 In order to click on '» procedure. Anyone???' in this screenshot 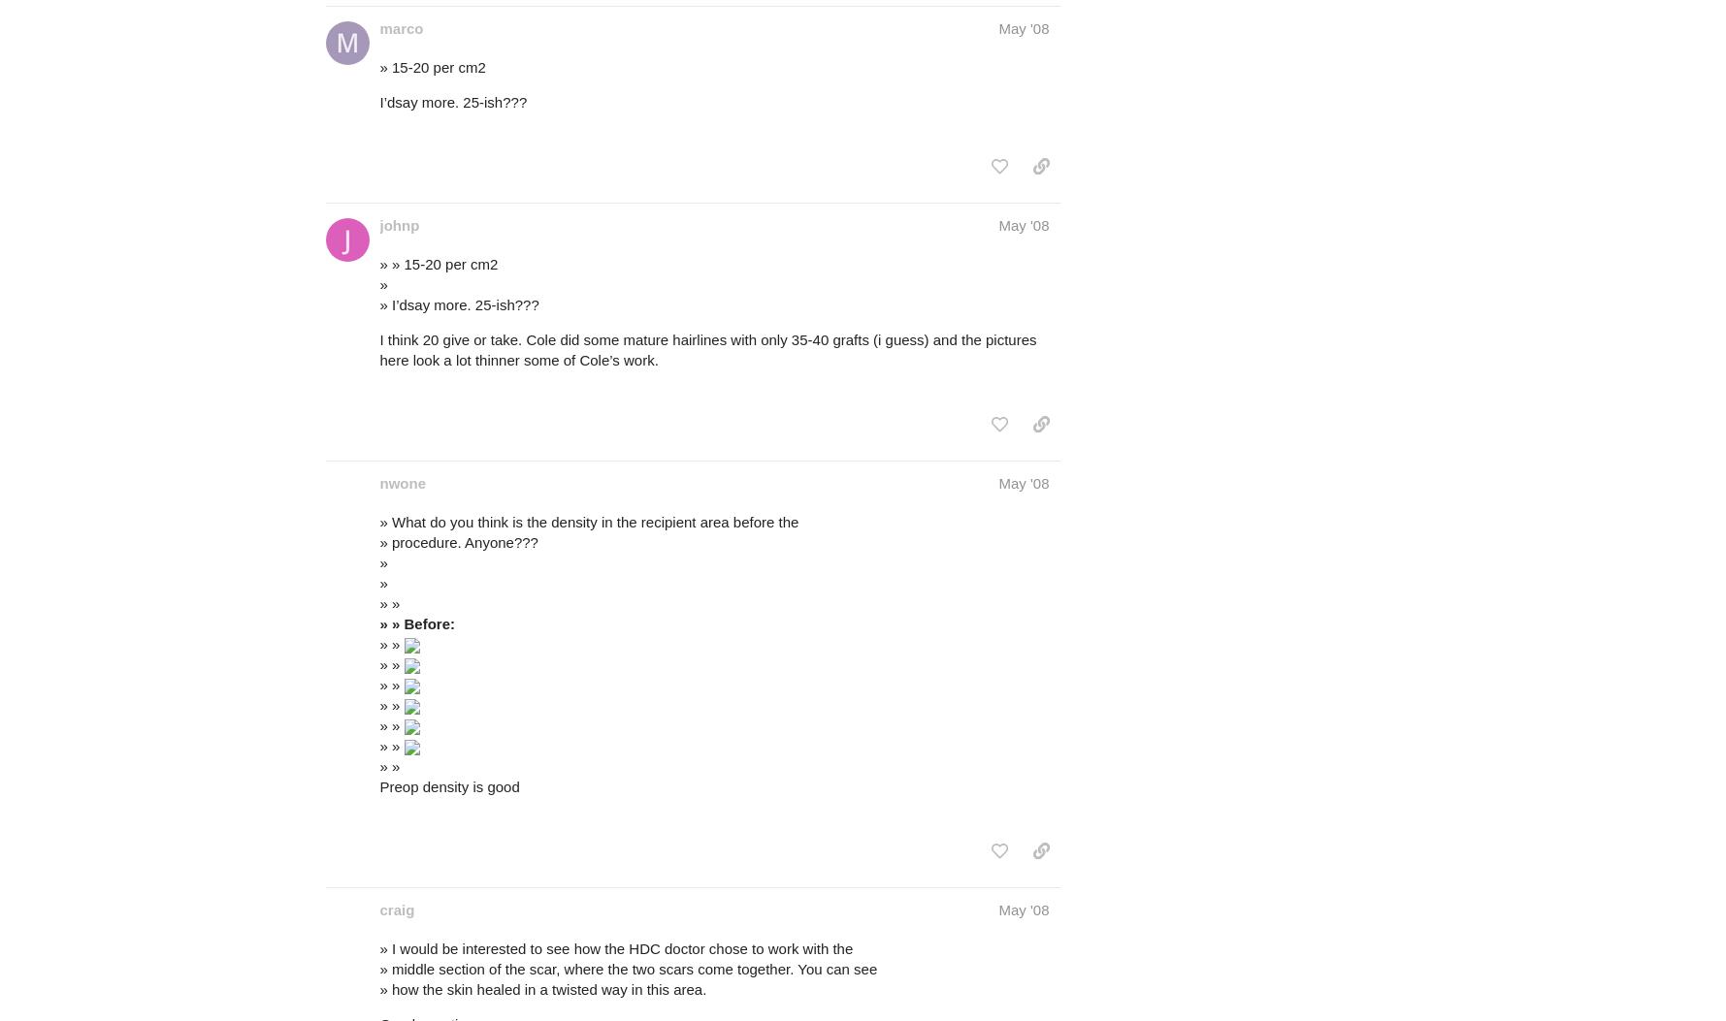, I will do `click(458, 540)`.